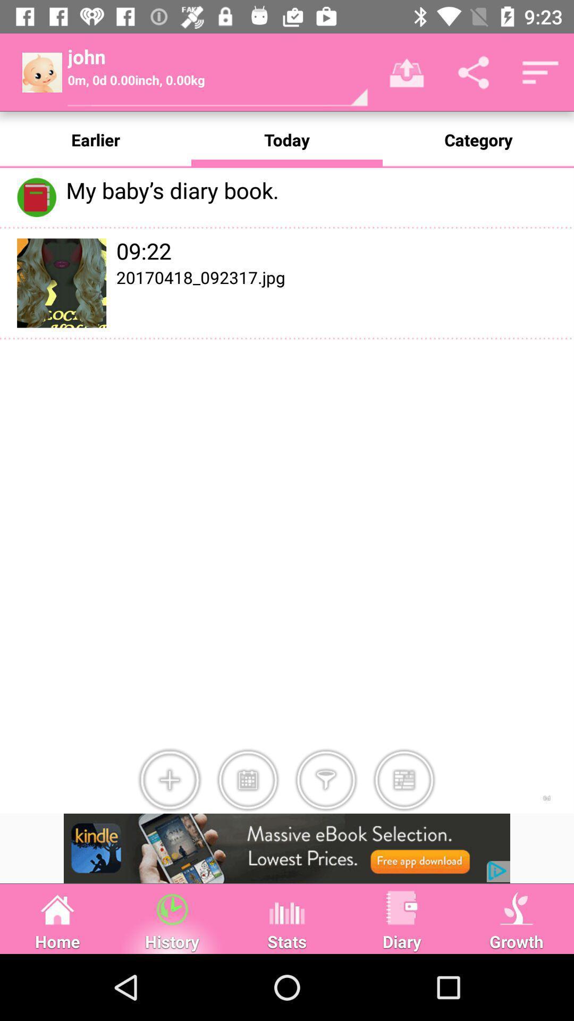 Image resolution: width=574 pixels, height=1021 pixels. I want to click on the text which is right side of the diary book icon, so click(316, 190).